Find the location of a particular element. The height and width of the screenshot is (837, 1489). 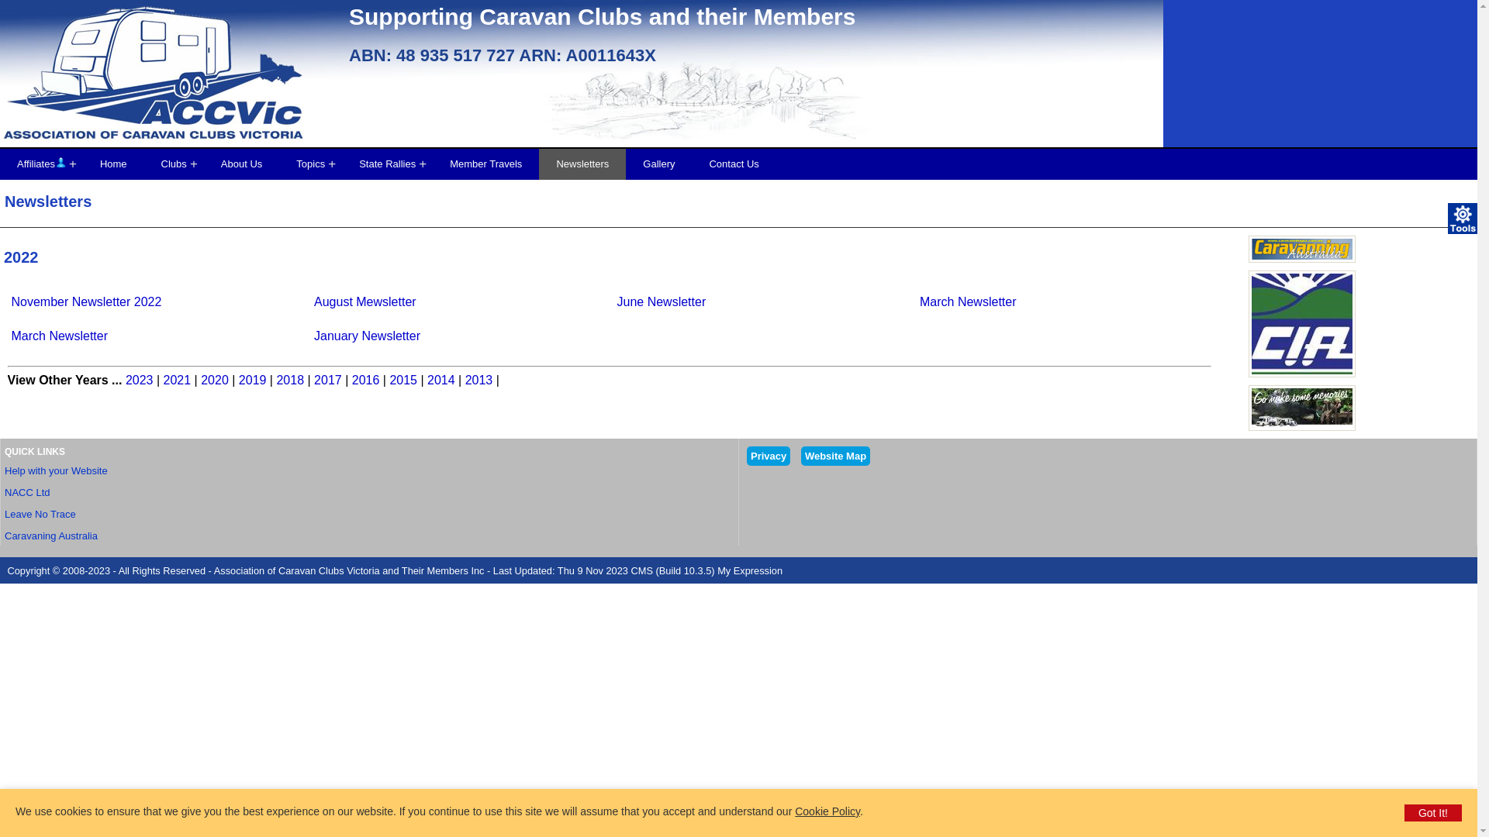

'Affiliates' is located at coordinates (41, 164).